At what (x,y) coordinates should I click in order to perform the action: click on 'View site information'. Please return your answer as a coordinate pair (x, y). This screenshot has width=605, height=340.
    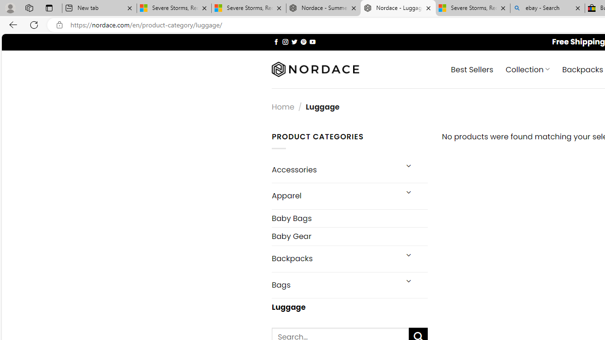
    Looking at the image, I should click on (59, 25).